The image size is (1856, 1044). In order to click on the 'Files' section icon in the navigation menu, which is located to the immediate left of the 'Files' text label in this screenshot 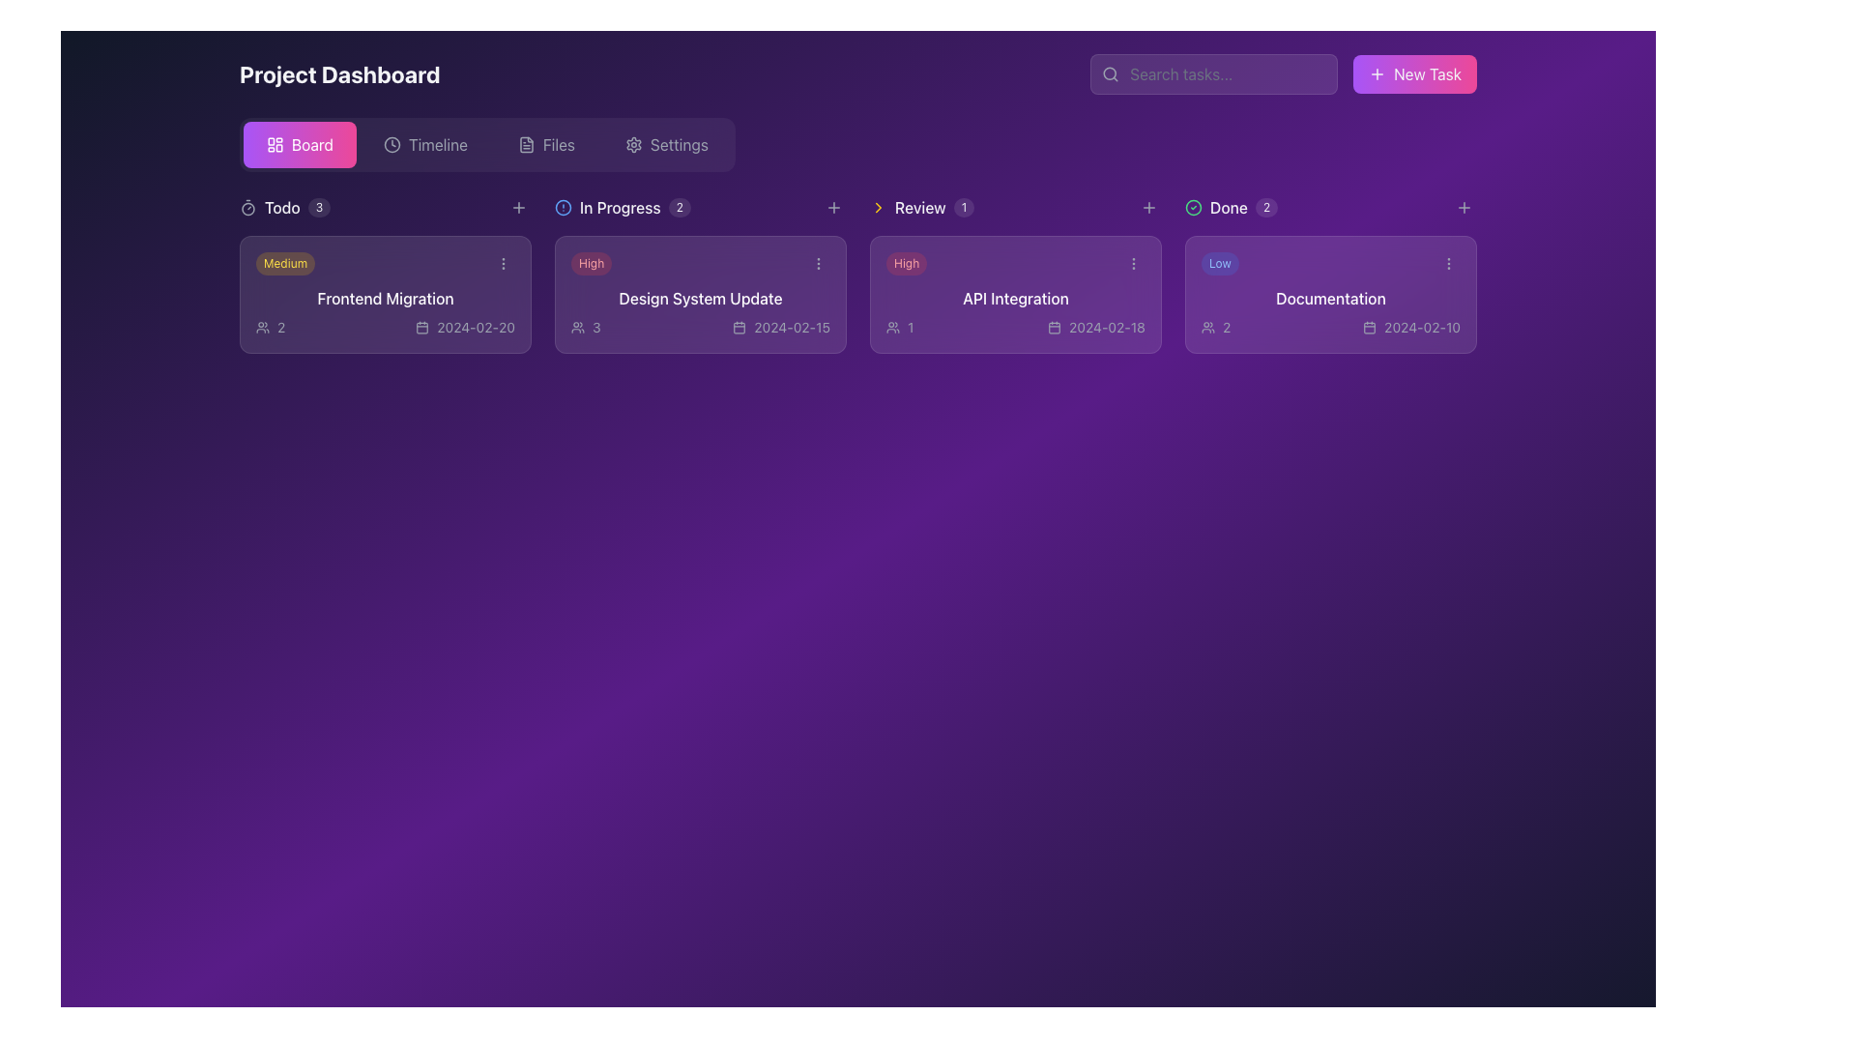, I will do `click(526, 144)`.